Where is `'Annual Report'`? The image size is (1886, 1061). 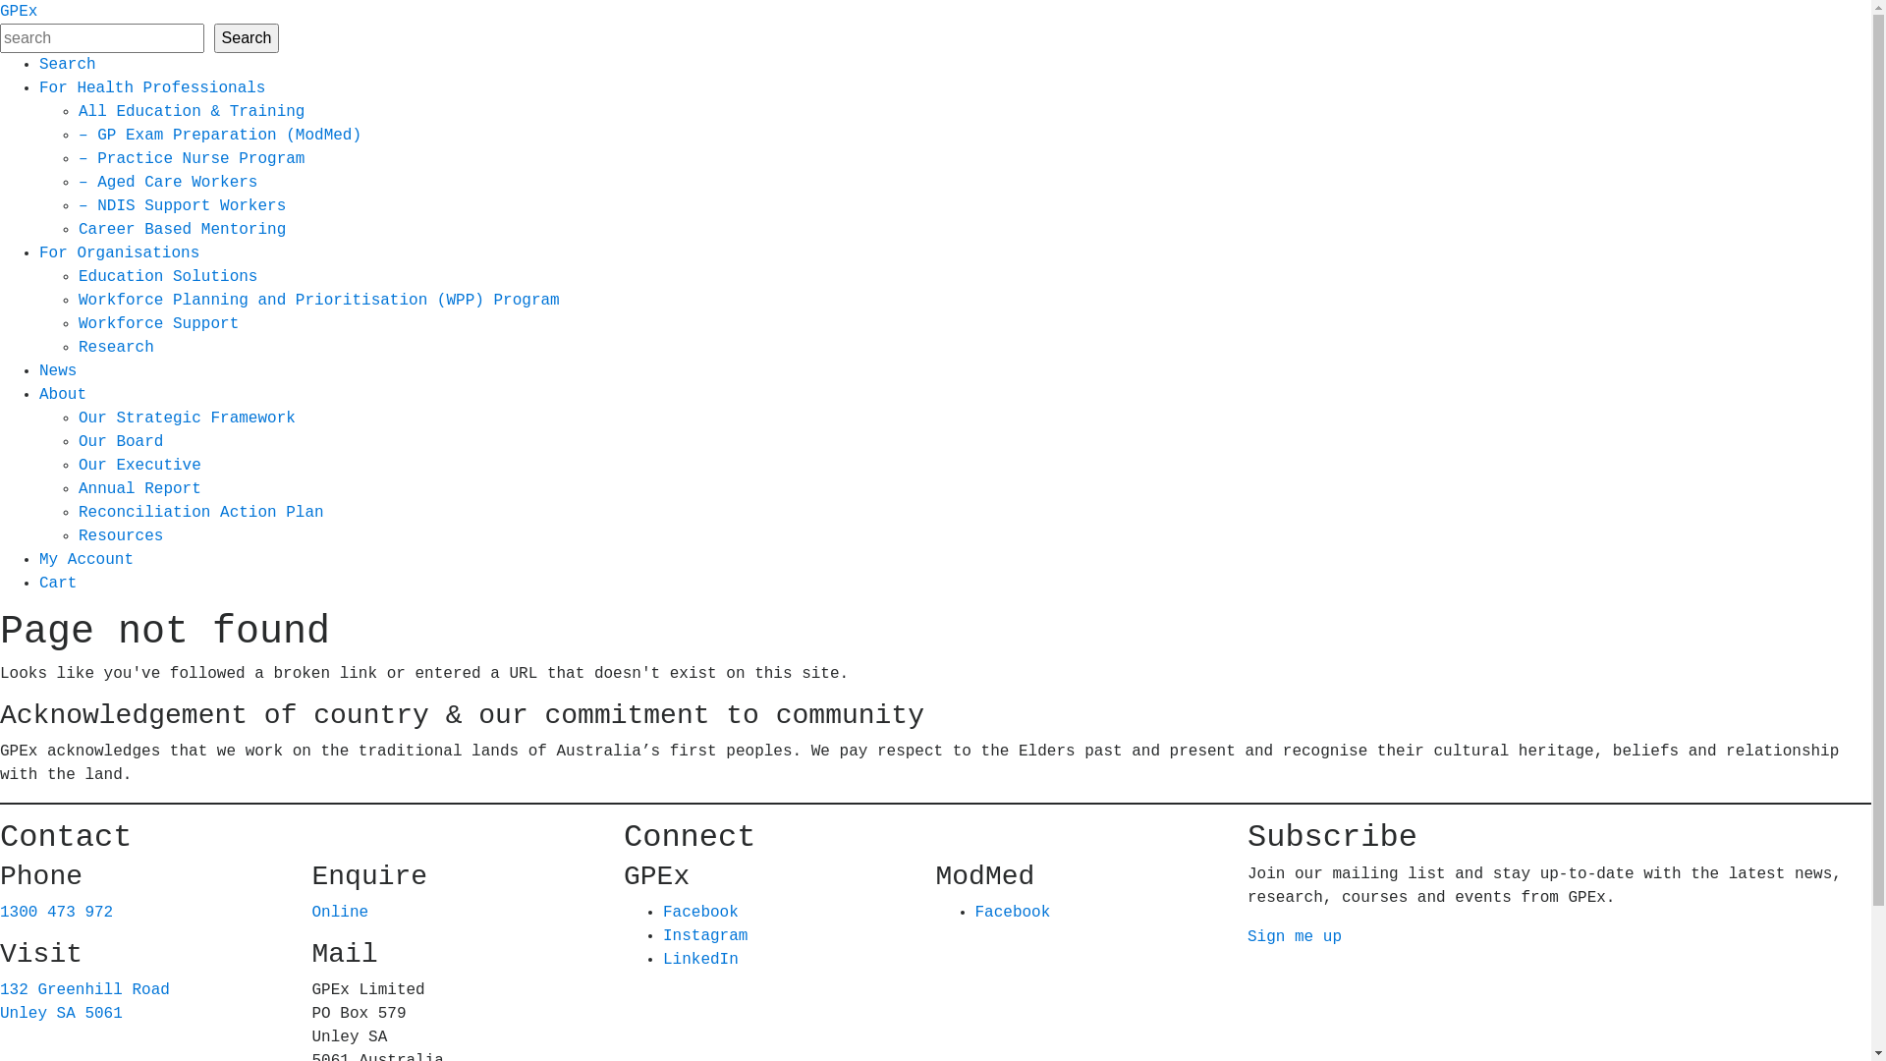
'Annual Report' is located at coordinates (139, 487).